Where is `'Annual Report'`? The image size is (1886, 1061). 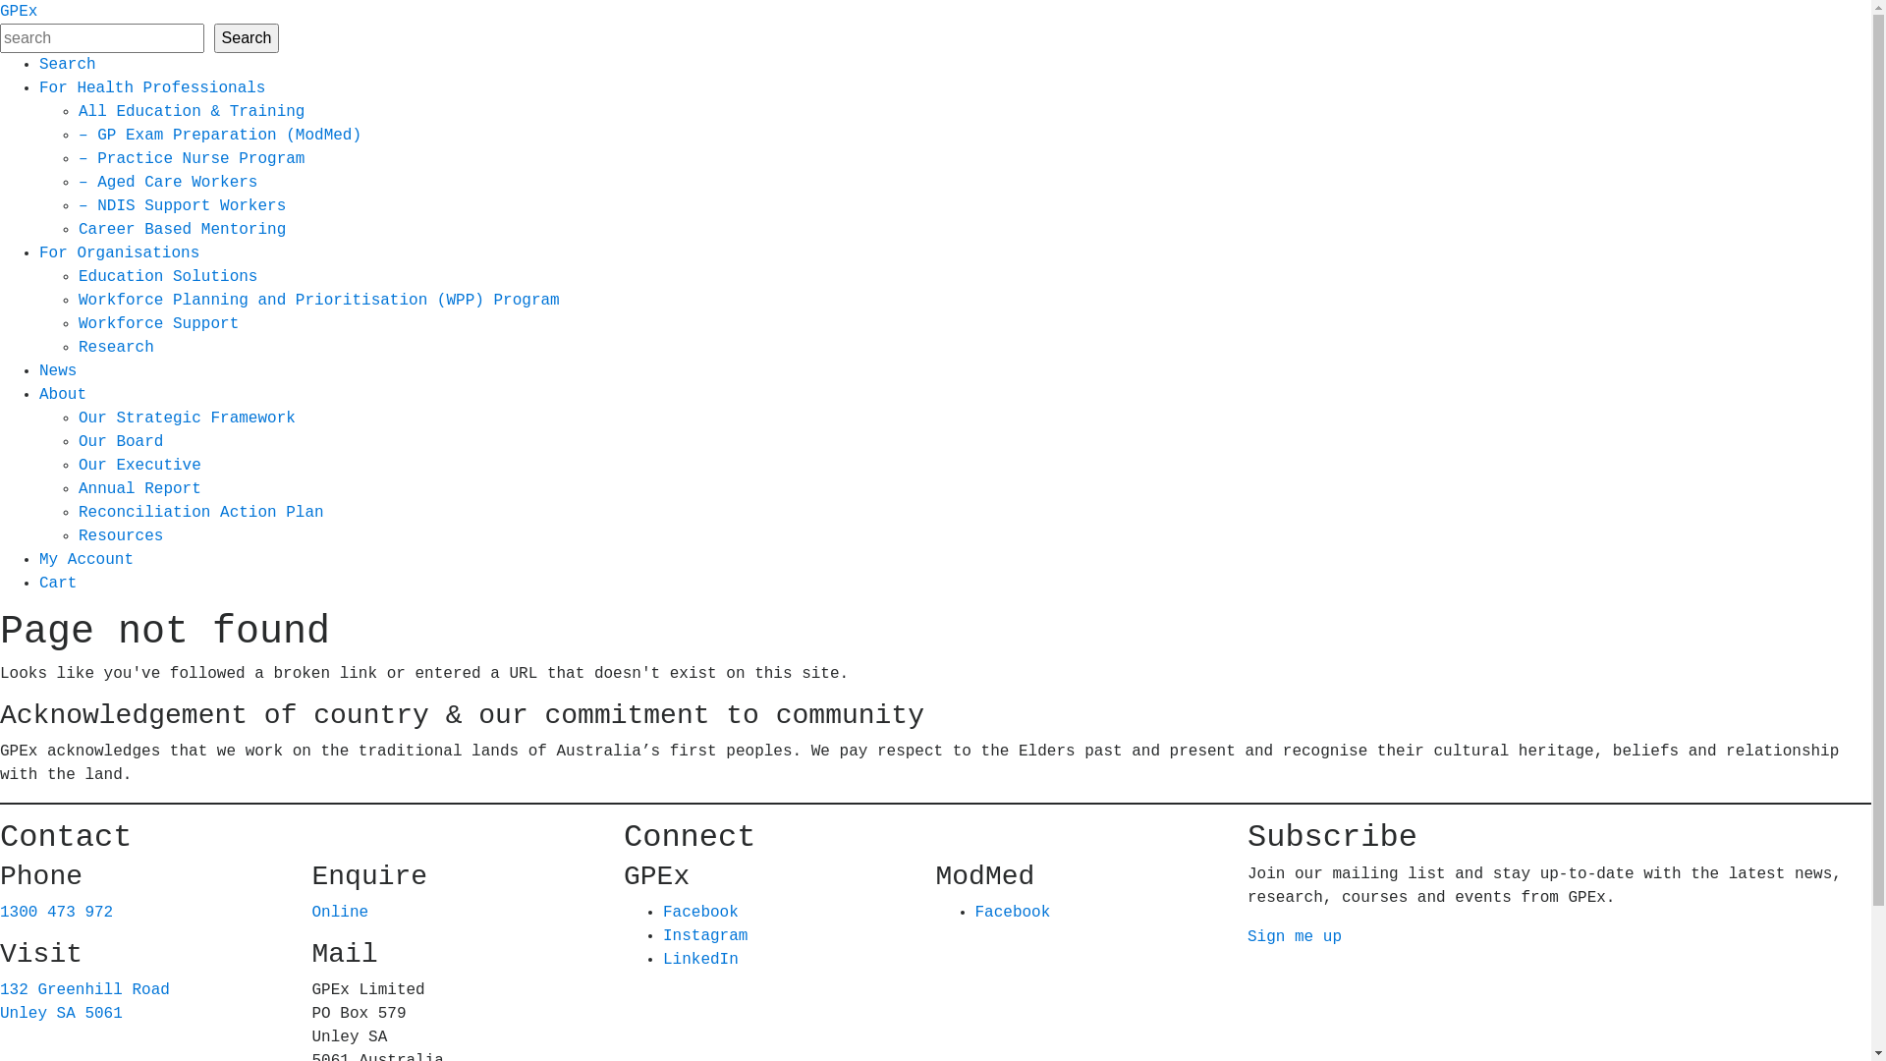
'Annual Report' is located at coordinates (139, 487).